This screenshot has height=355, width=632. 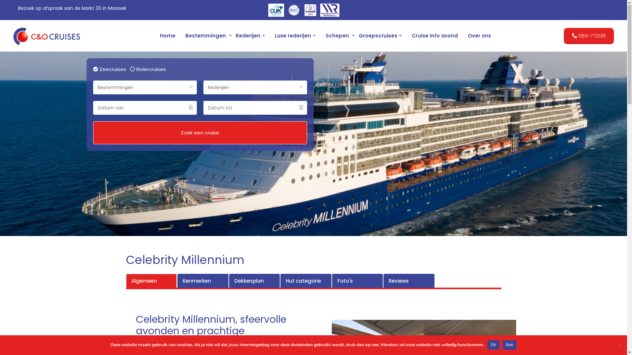 I want to click on 'Cruise info avond', so click(x=434, y=36).